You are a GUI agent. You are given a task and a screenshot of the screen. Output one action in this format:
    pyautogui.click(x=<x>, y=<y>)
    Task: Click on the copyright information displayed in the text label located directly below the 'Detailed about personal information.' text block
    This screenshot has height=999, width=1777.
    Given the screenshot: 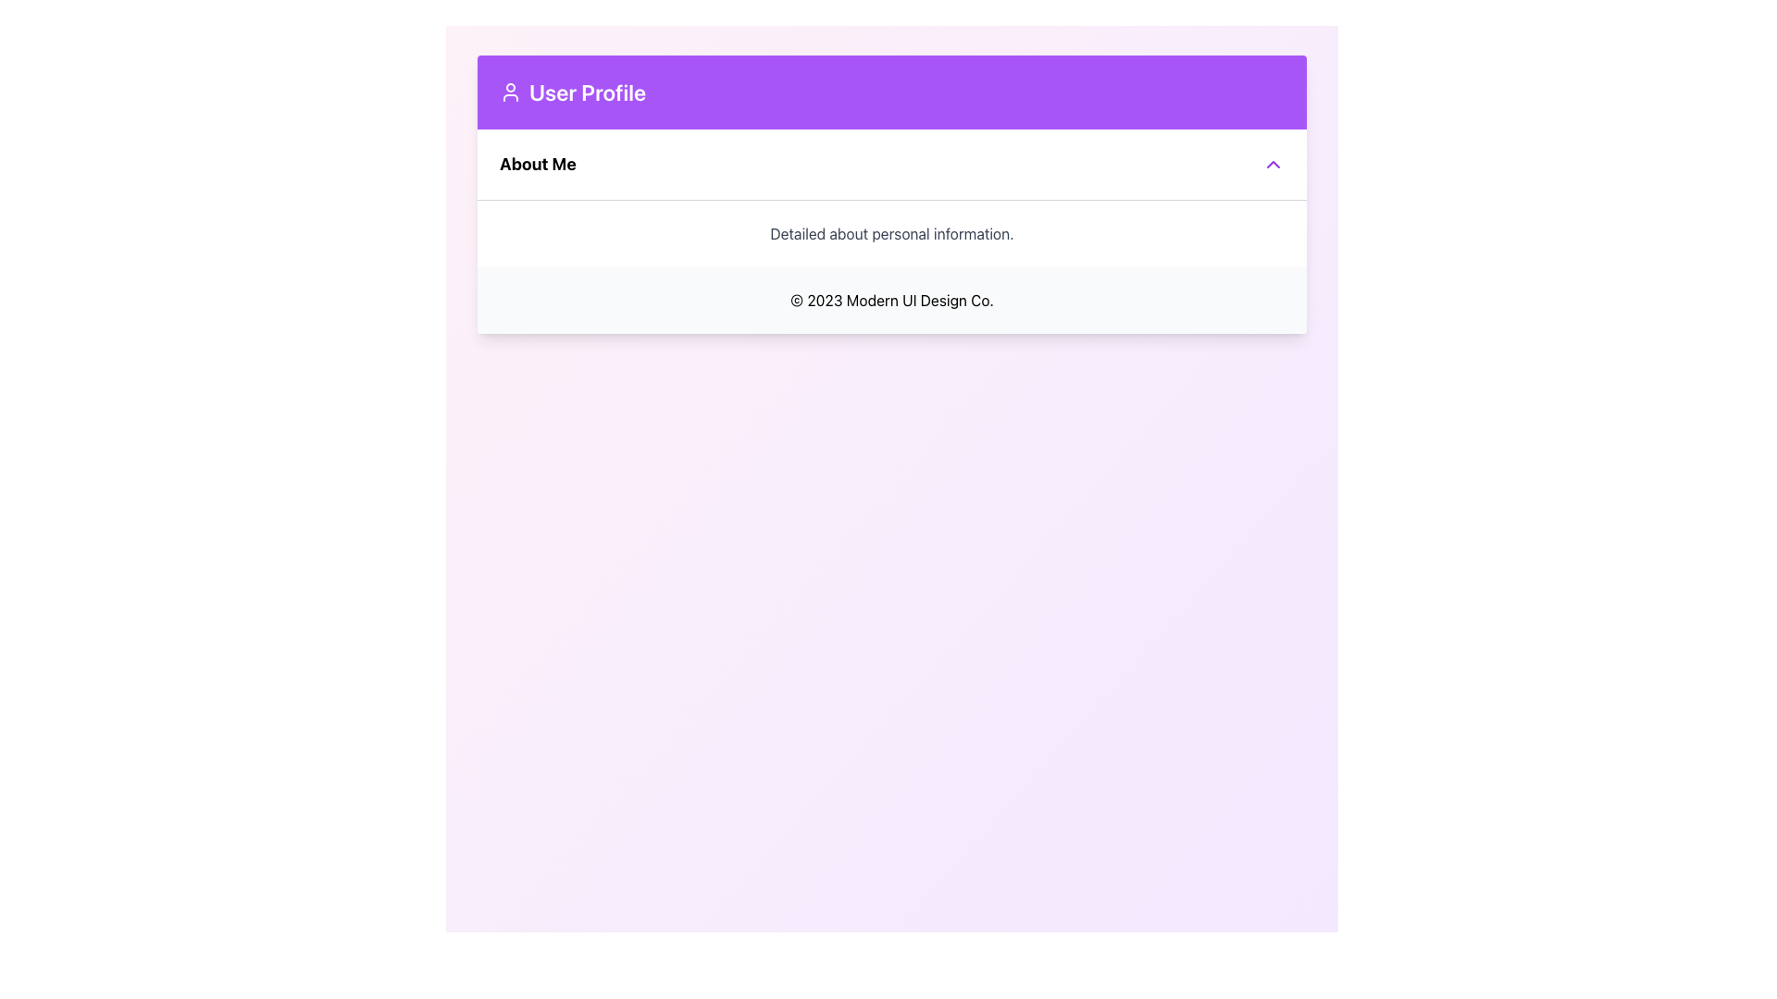 What is the action you would take?
    pyautogui.click(x=892, y=299)
    